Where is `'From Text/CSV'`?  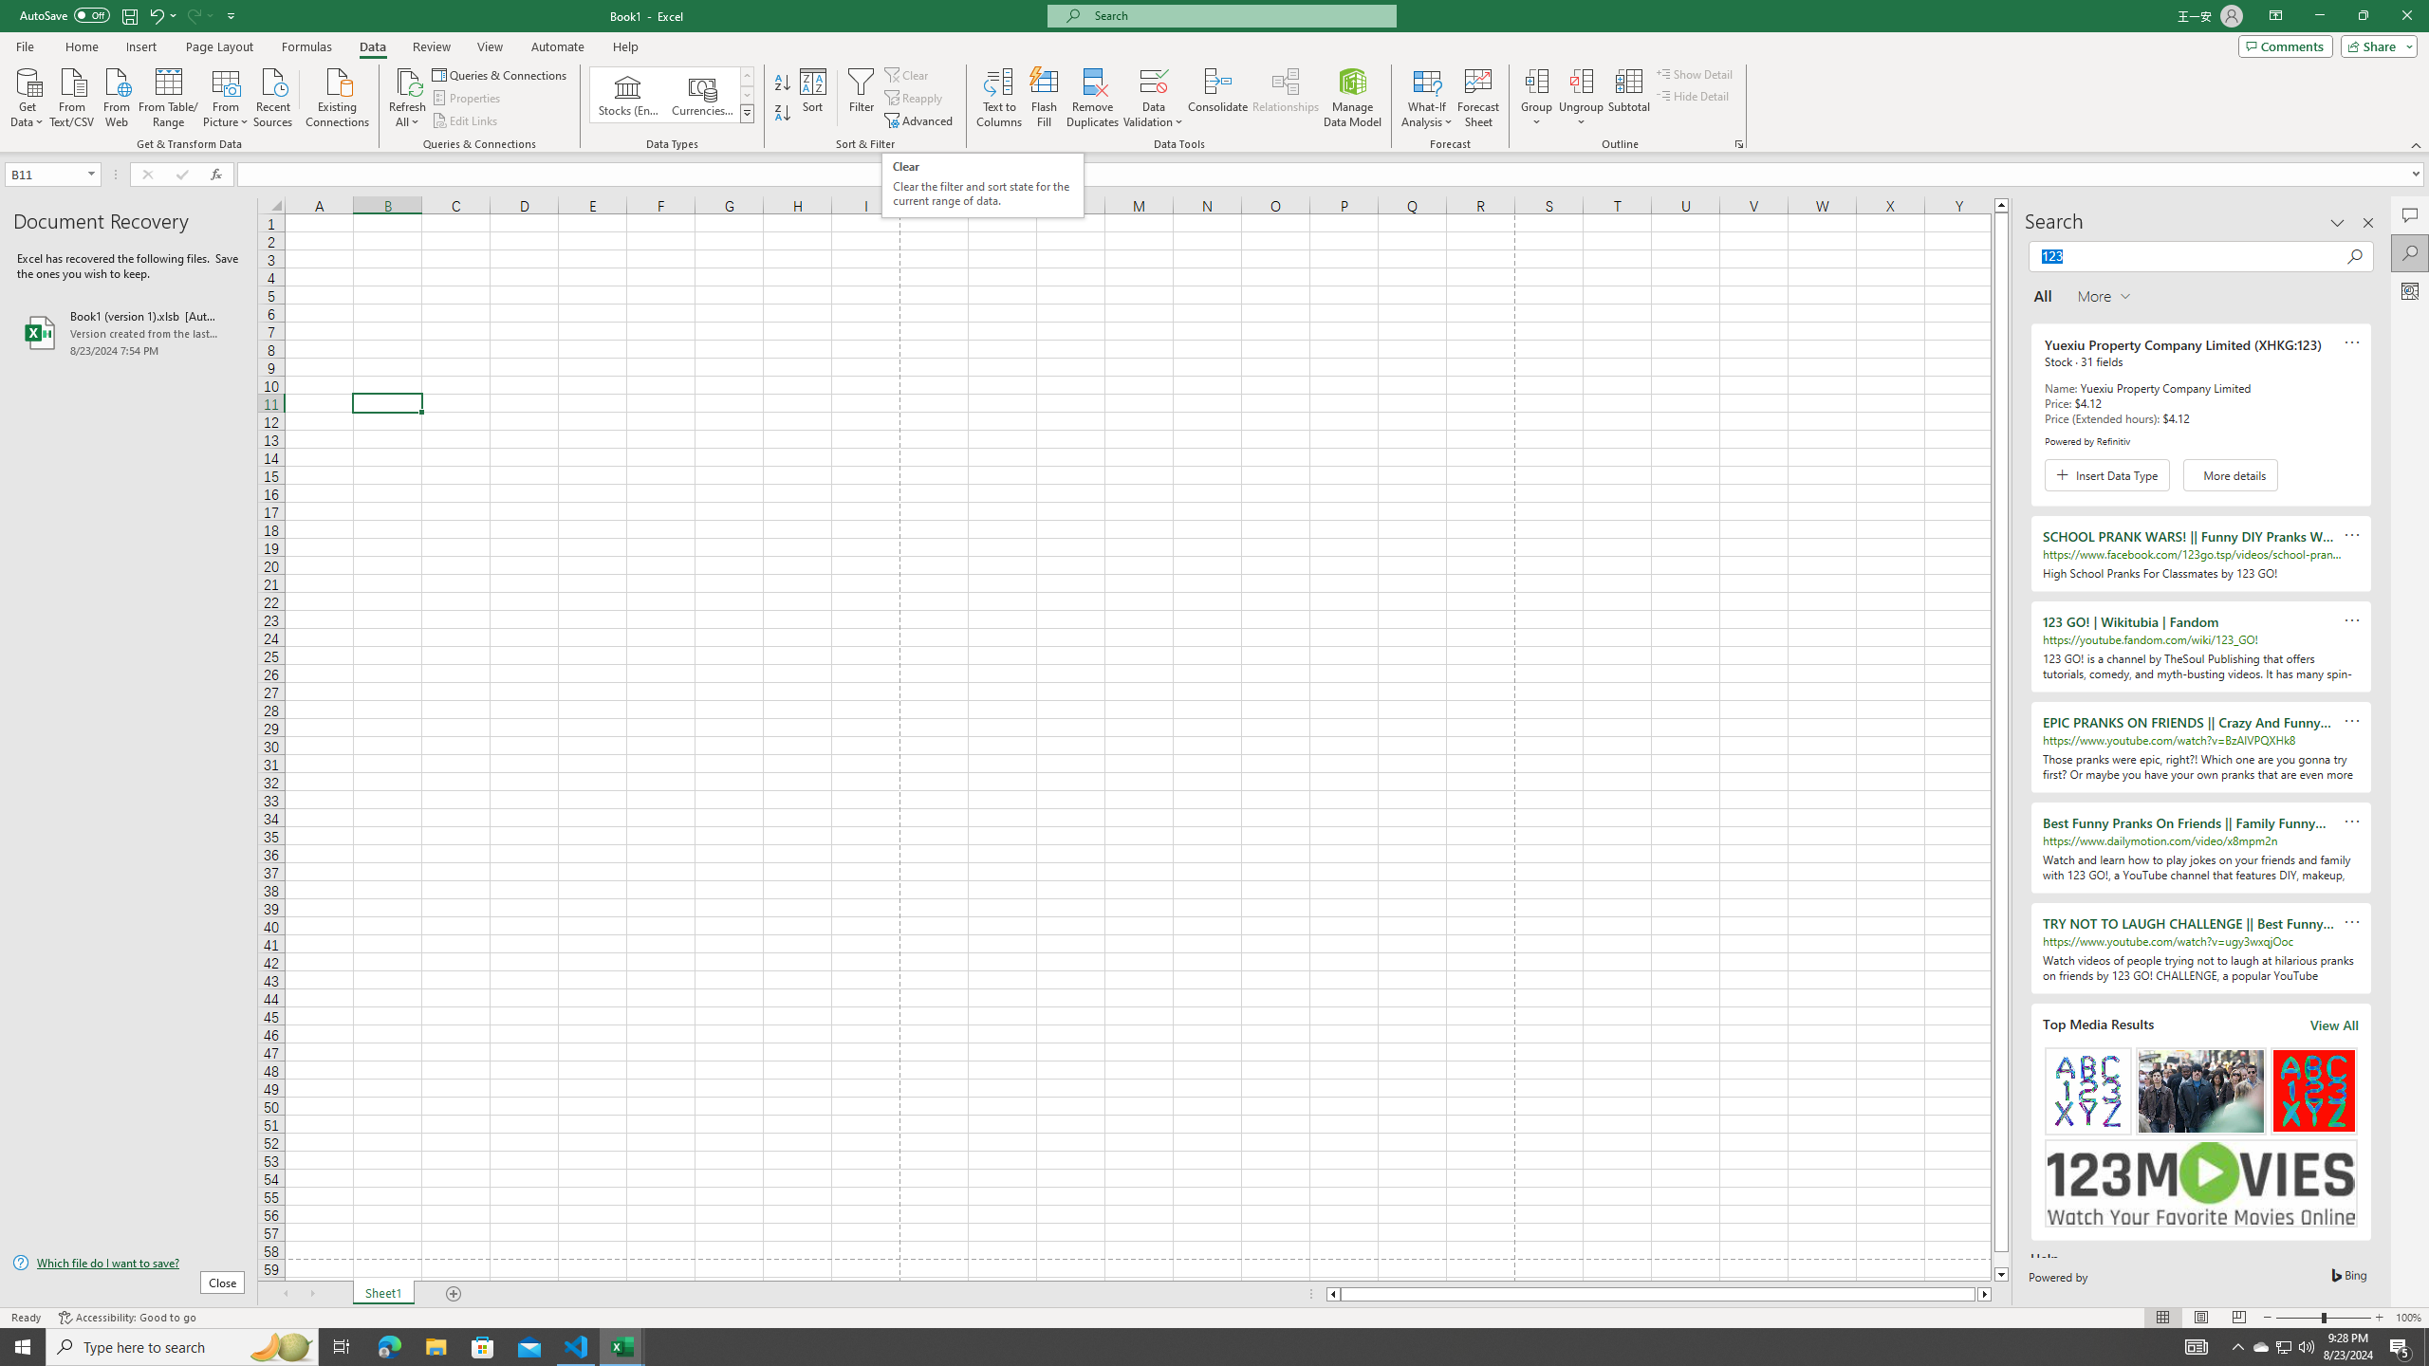
'From Text/CSV' is located at coordinates (72, 95).